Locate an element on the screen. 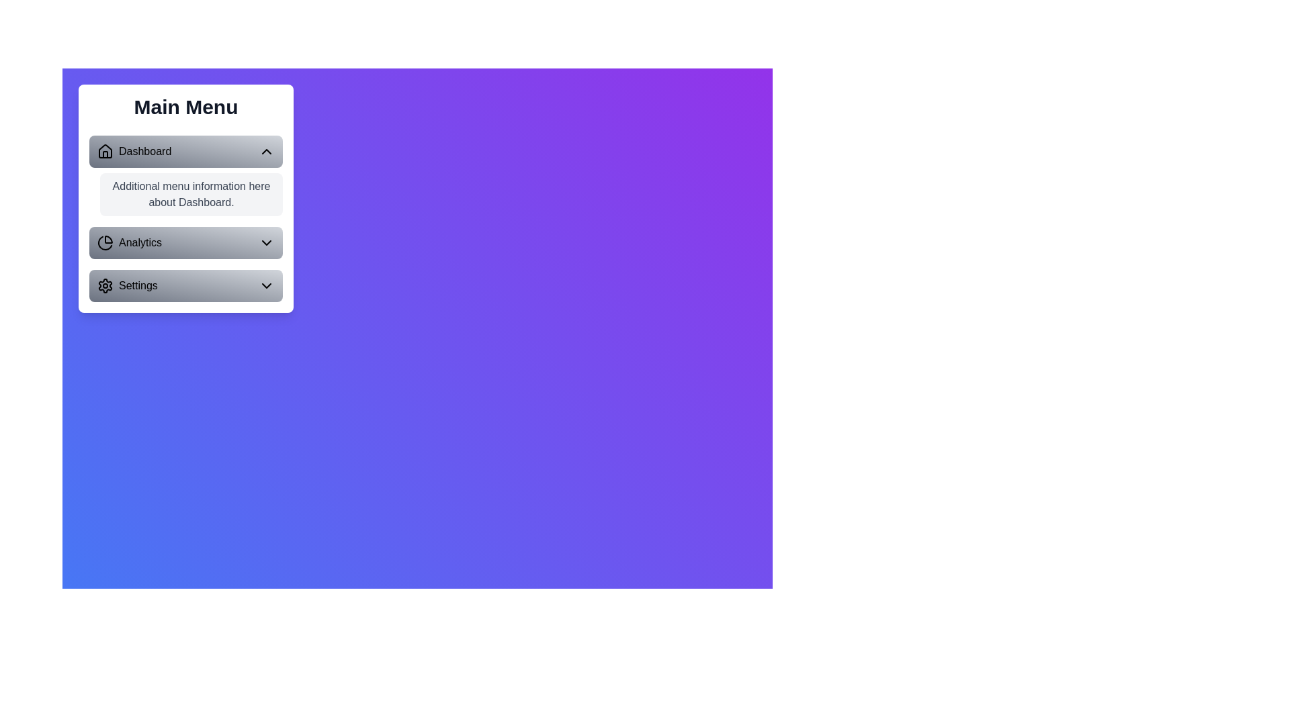  informational text displayed in gray font that states: 'Additional menu information here about Dashboard.' This text is located within the dropdown section related to the 'Dashboard' menu option, positioned below the 'Dashboard' label and icon is located at coordinates (190, 194).